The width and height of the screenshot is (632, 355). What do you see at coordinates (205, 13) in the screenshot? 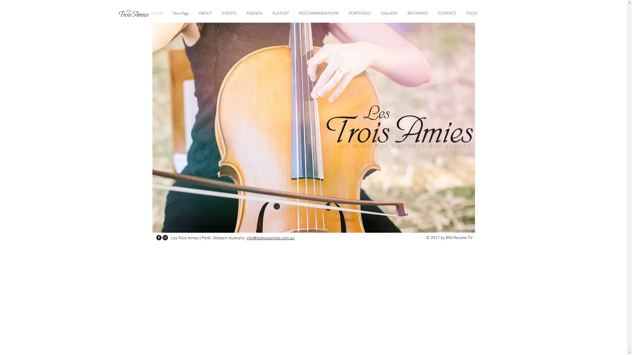
I see `'ABOUT'` at bounding box center [205, 13].